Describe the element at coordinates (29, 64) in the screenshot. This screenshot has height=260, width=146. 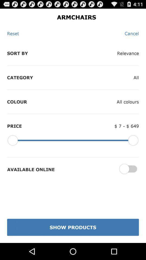
I see `the options sort by and category` at that location.